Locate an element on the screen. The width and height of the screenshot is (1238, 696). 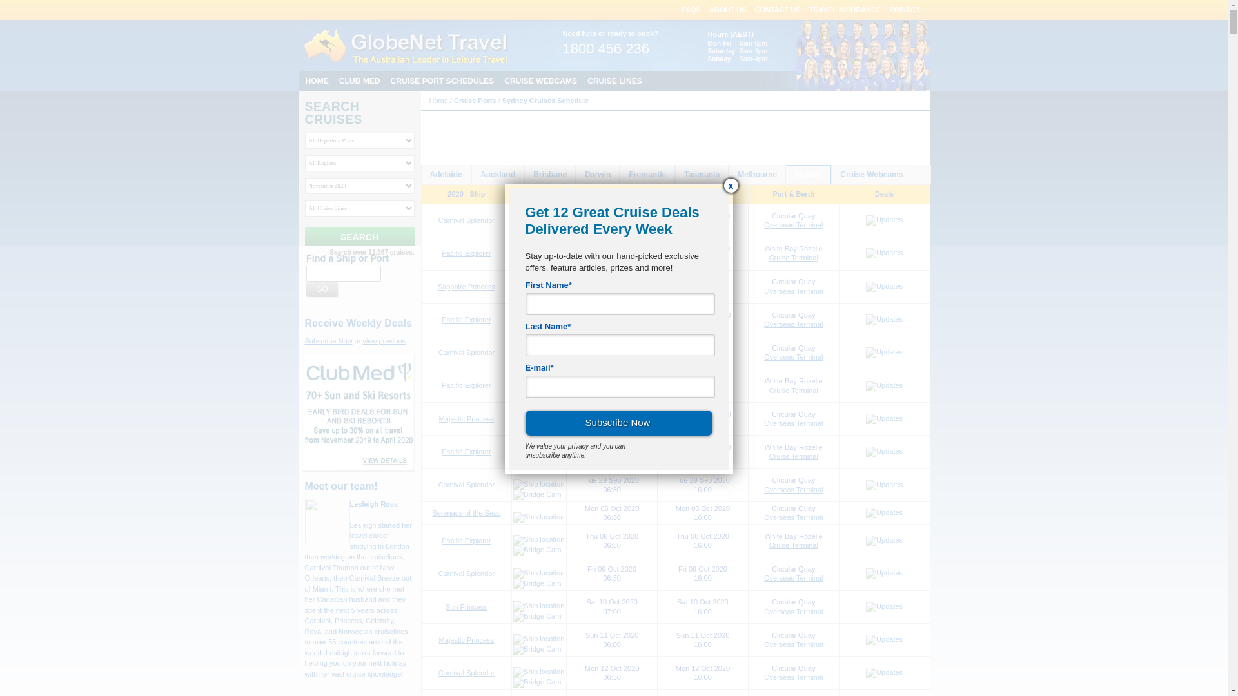
'Pacific Explorer' is located at coordinates (442, 451).